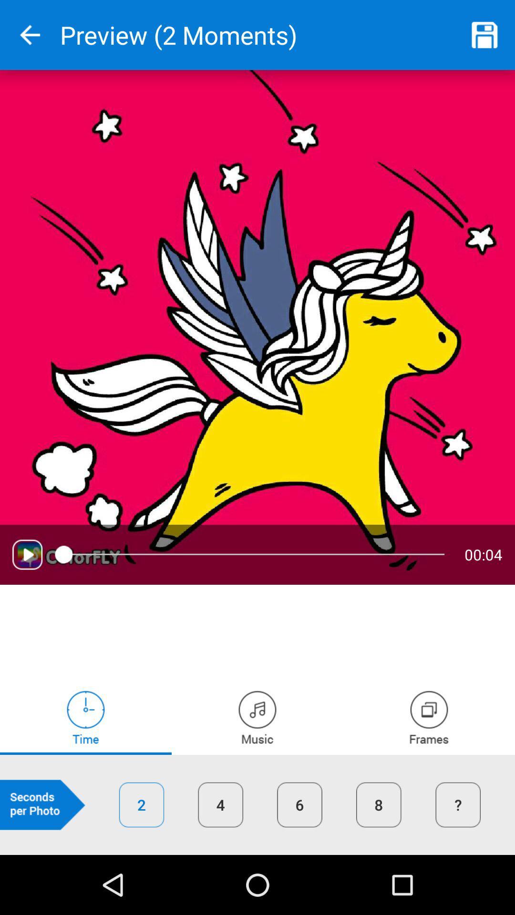 Image resolution: width=515 pixels, height=915 pixels. What do you see at coordinates (428, 717) in the screenshot?
I see `the microphone icon` at bounding box center [428, 717].